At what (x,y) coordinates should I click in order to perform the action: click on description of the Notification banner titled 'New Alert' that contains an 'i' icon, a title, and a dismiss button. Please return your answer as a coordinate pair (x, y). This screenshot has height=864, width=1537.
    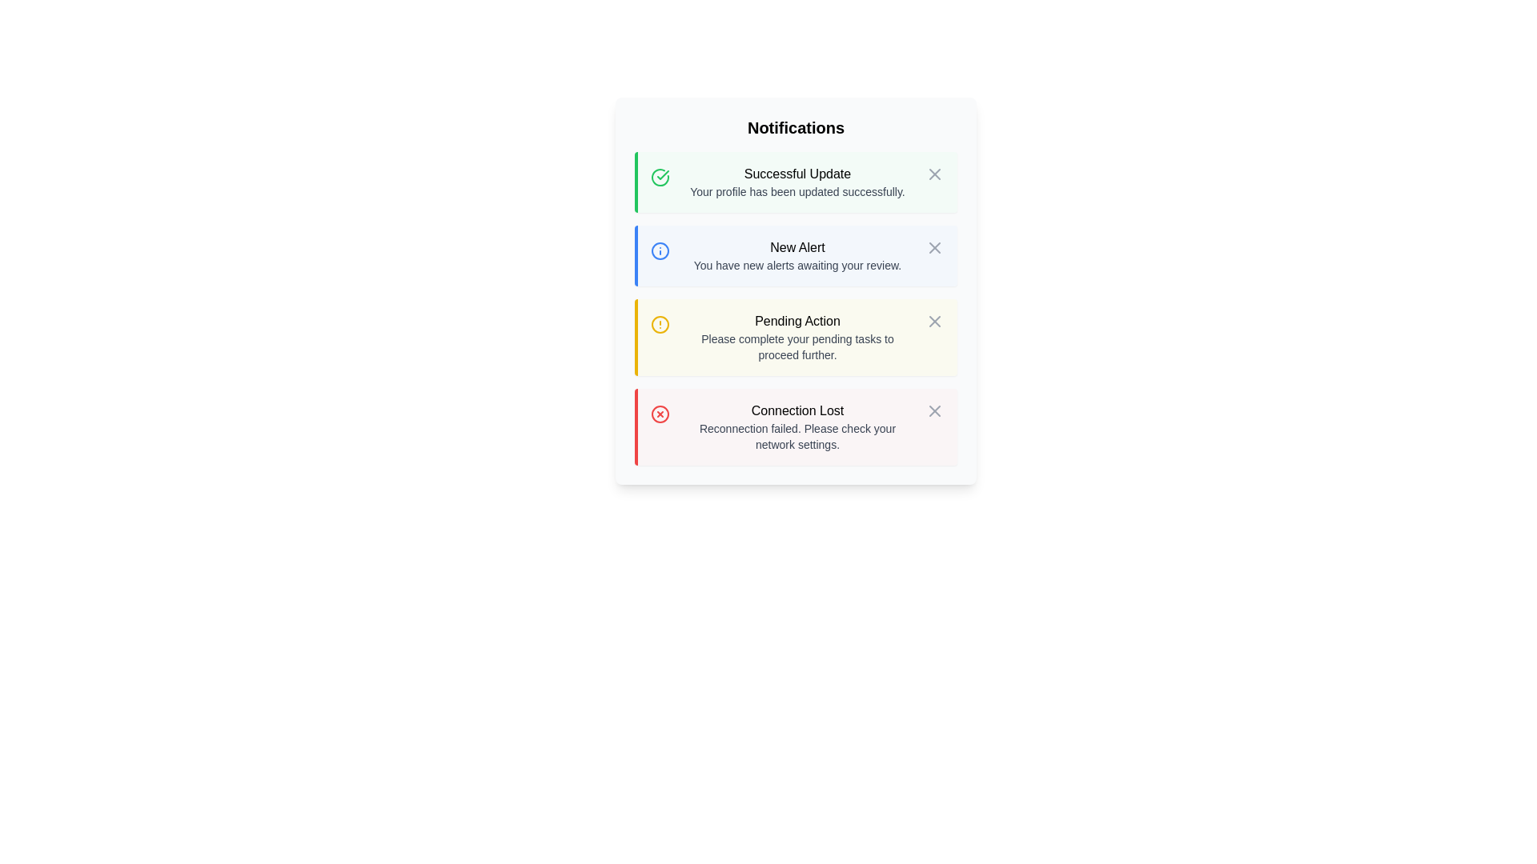
    Looking at the image, I should click on (797, 255).